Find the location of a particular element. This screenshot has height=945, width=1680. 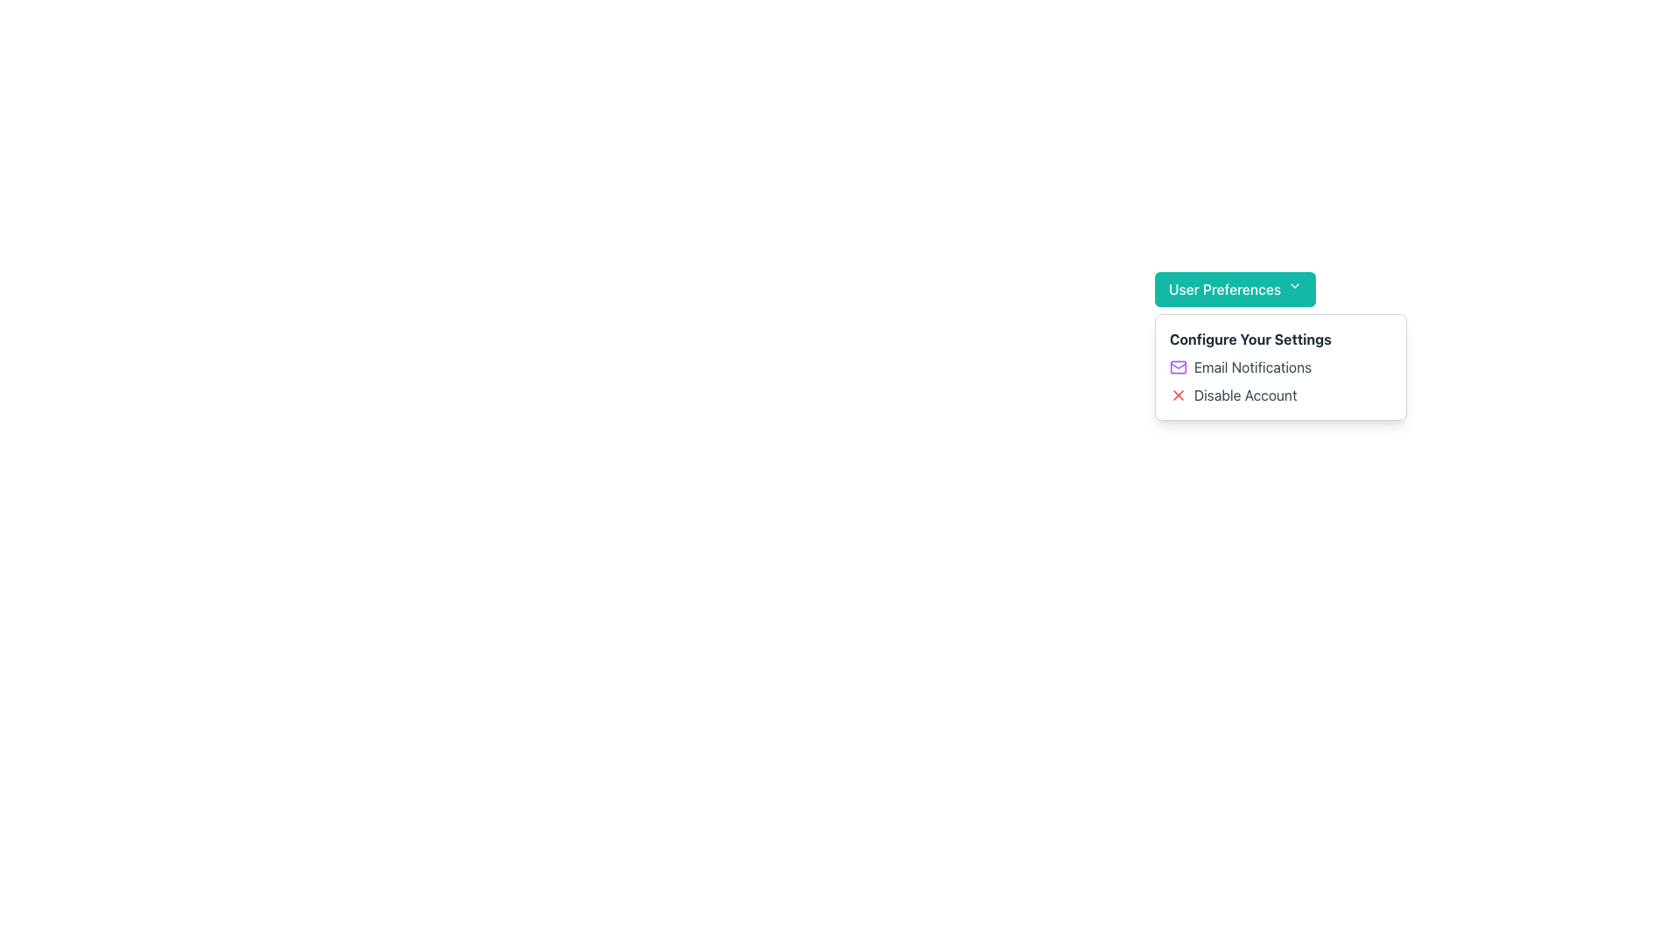

the downward-pointing chevron-shaped icon outlined in white, located to the right of the 'User Preferences' text within a teal button at the top of a dropdown menu is located at coordinates (1295, 285).